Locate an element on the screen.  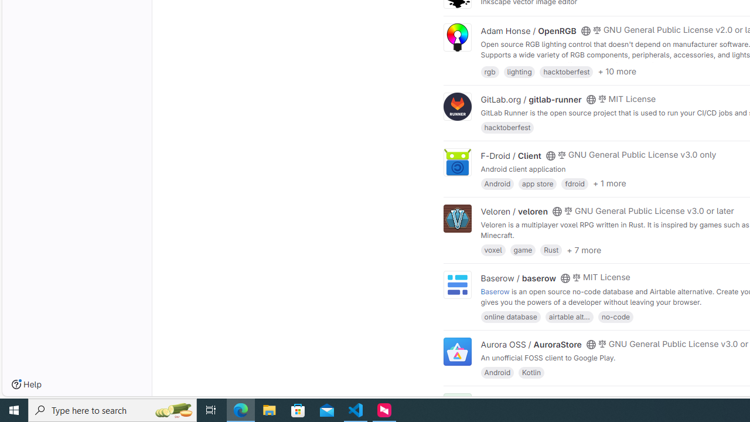
'Kotlin' is located at coordinates (531, 372).